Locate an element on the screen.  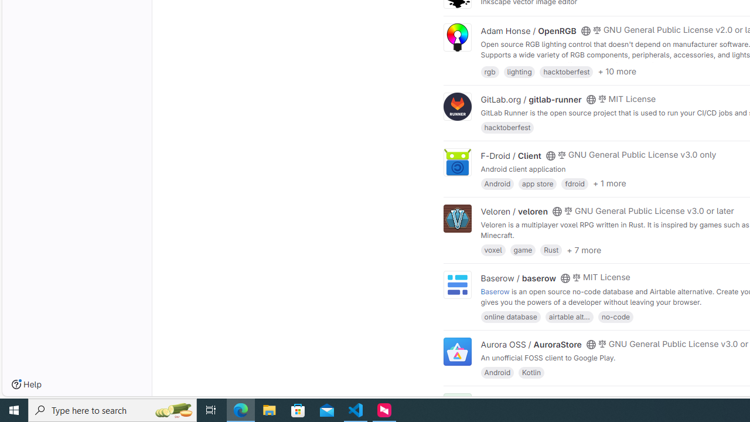
'Kotlin' is located at coordinates (531, 372).